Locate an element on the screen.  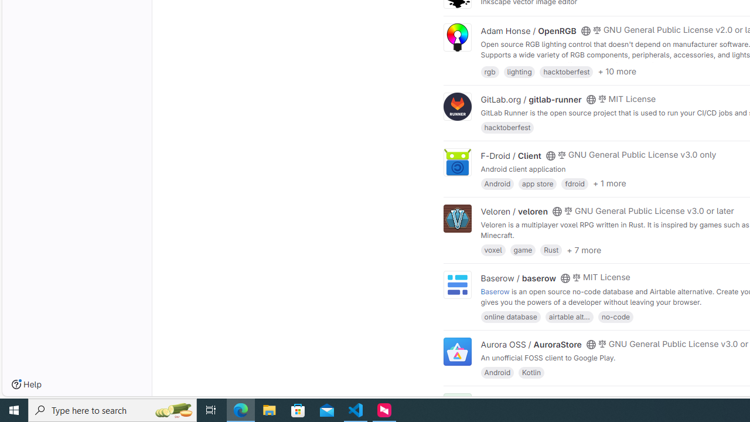
'Kotlin' is located at coordinates (531, 372).